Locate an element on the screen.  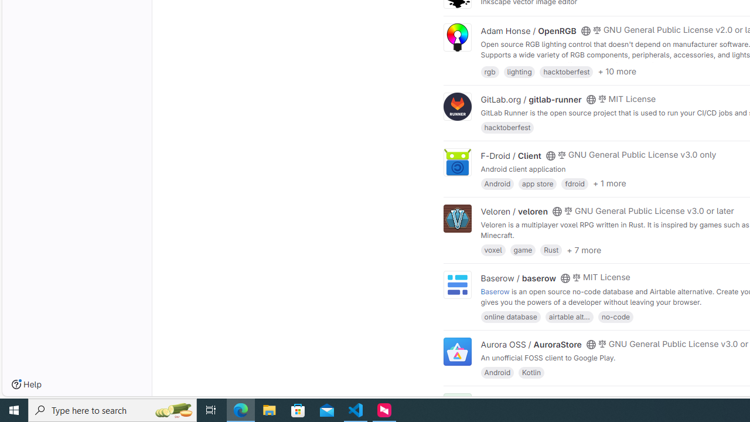
'Kotlin' is located at coordinates (531, 372).